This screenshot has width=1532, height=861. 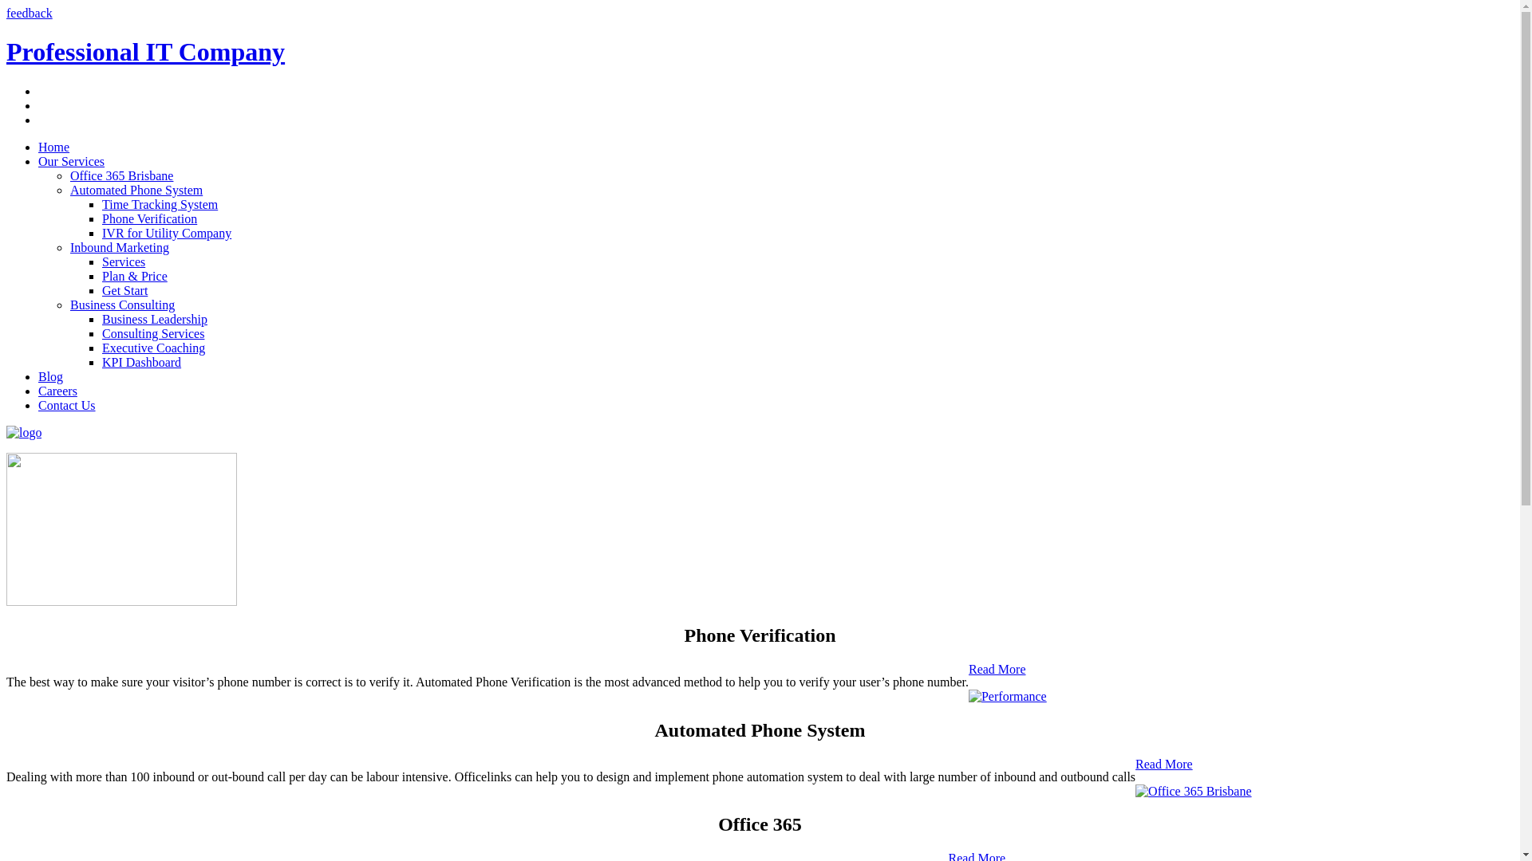 I want to click on 'Inbound Marketing', so click(x=118, y=247).